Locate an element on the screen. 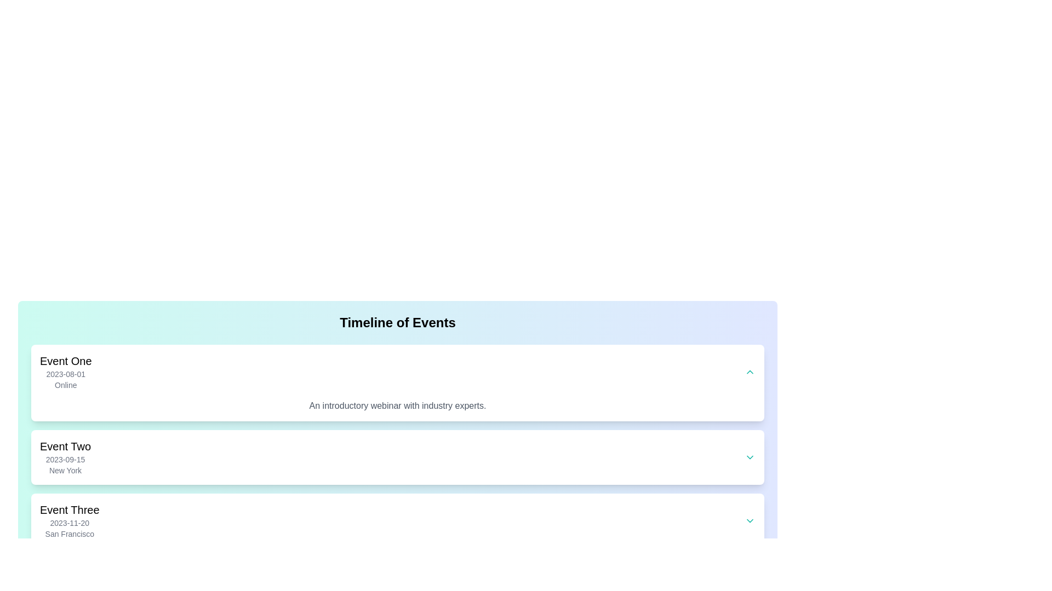 This screenshot has width=1052, height=591. the text element that contains 'New York', styled with a small font size and light gray color, located in the lower left section of the event card under 'Event Two' and '2023-09-15' is located at coordinates (65, 470).